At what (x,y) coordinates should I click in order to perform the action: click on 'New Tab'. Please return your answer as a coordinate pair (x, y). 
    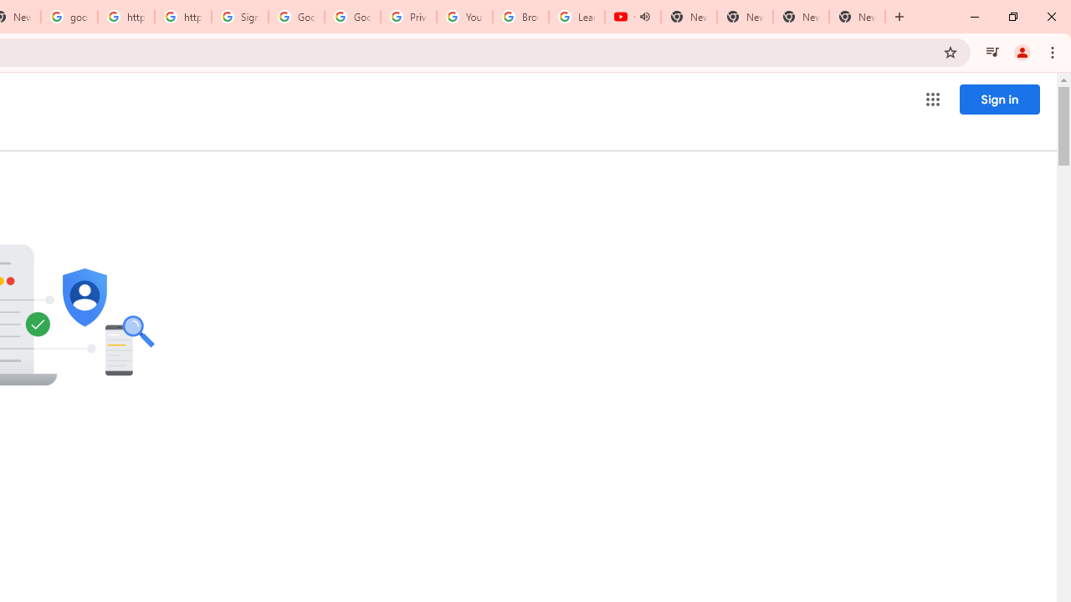
    Looking at the image, I should click on (857, 17).